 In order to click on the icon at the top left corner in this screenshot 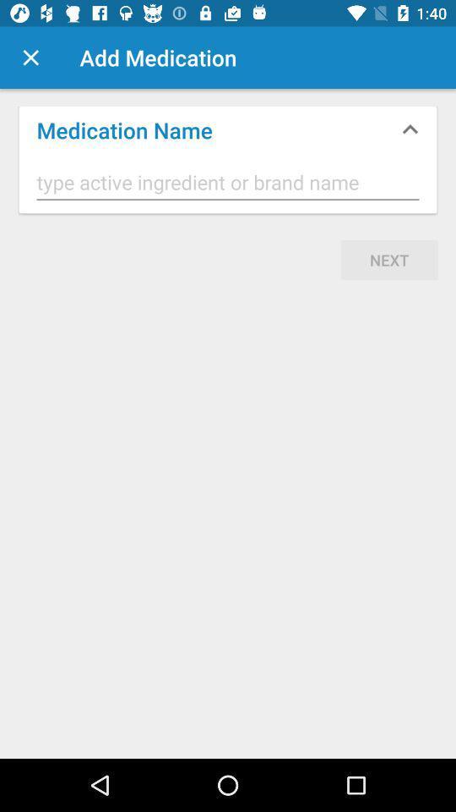, I will do `click(30, 58)`.